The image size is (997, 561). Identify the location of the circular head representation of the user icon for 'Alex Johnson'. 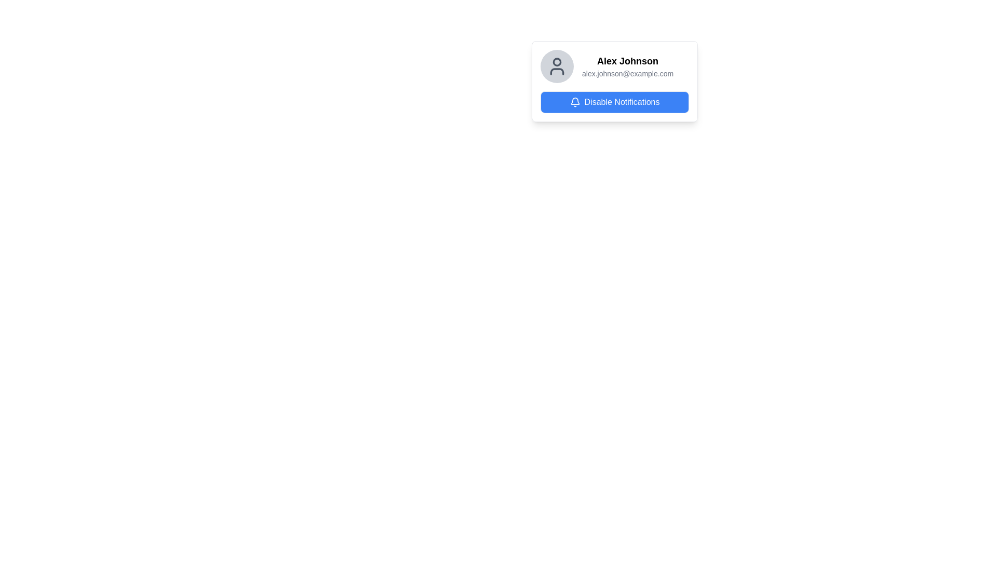
(557, 62).